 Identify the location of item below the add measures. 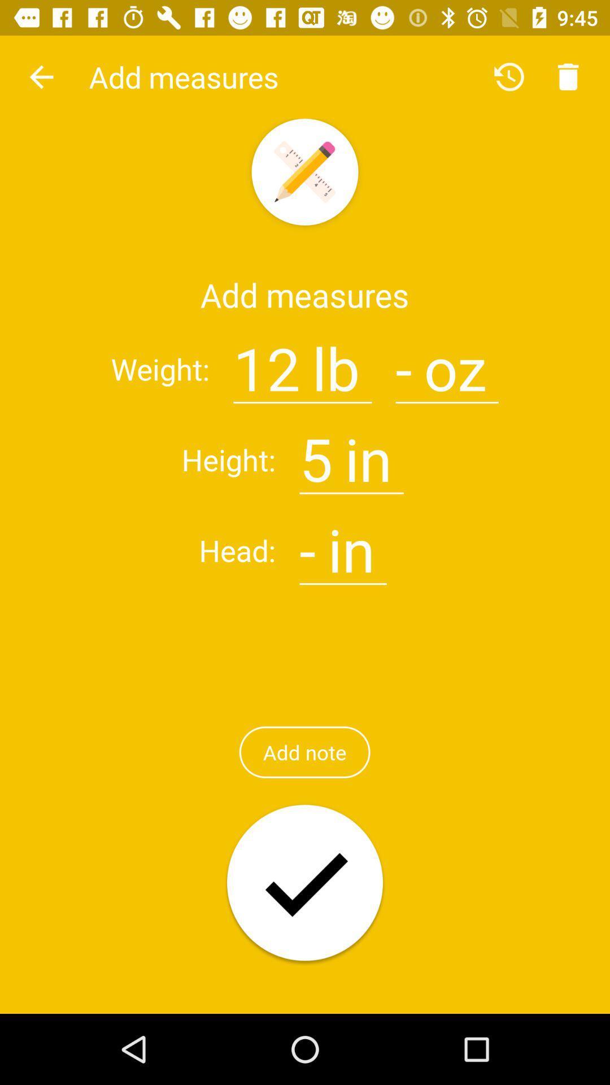
(267, 362).